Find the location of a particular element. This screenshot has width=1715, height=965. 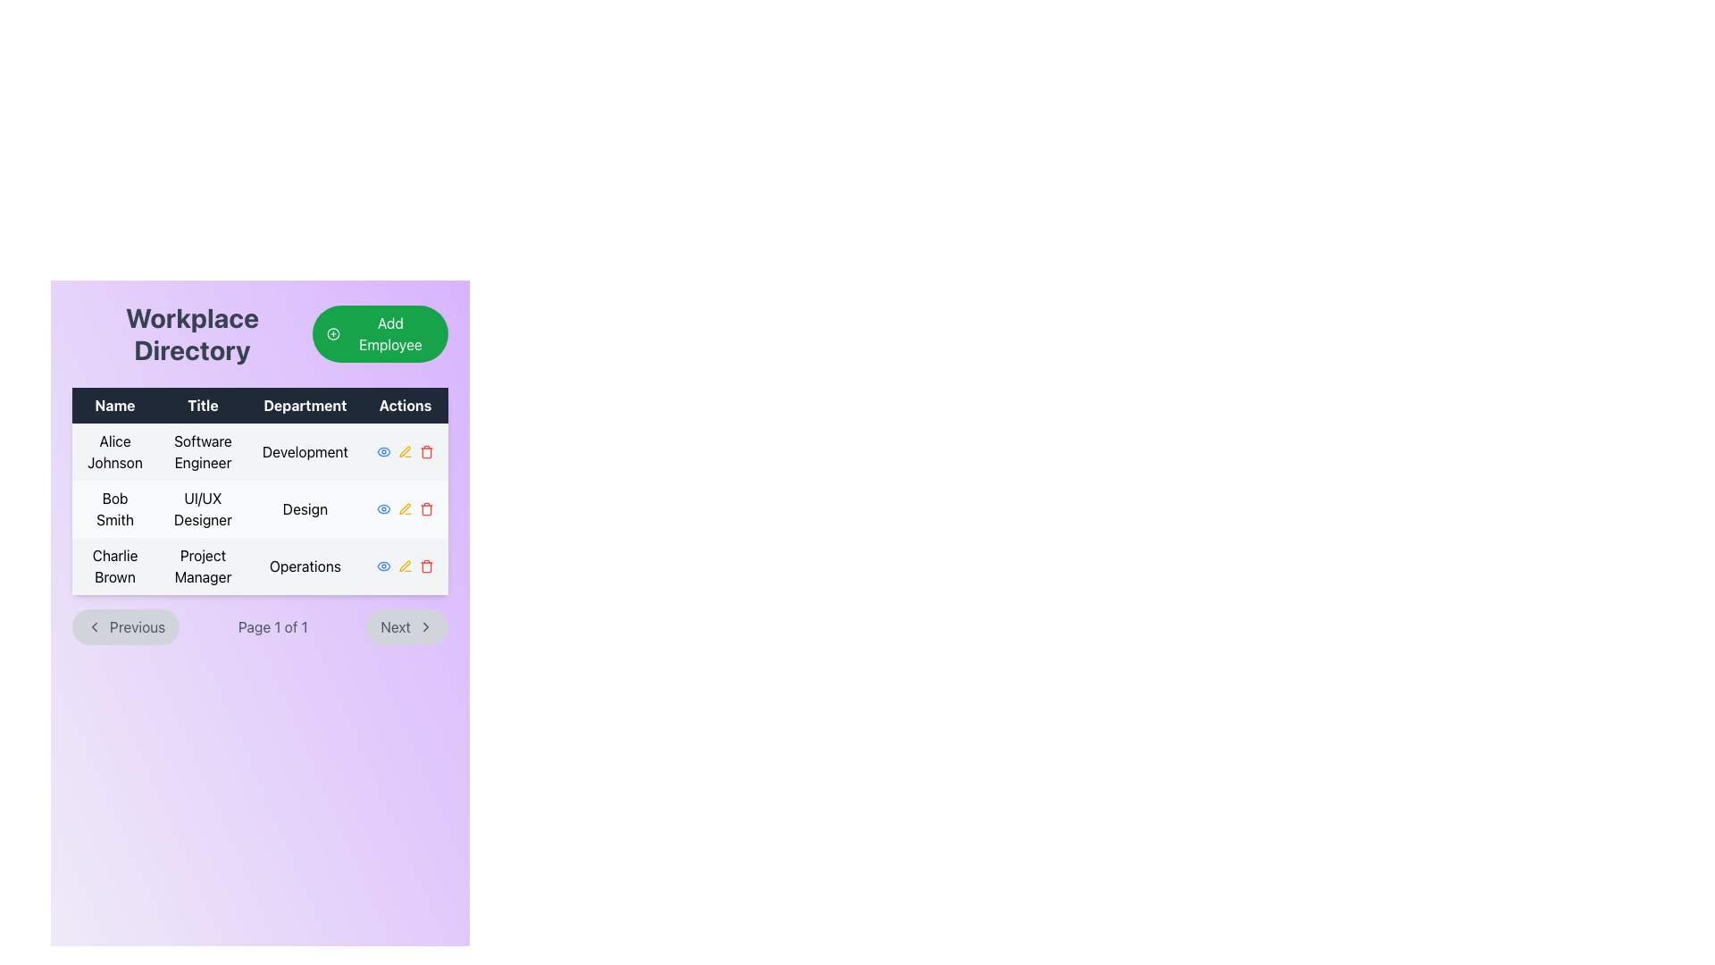

the text label displaying 'Alice Johnson' located in the first row of the data table under the 'Name' column is located at coordinates (114, 450).